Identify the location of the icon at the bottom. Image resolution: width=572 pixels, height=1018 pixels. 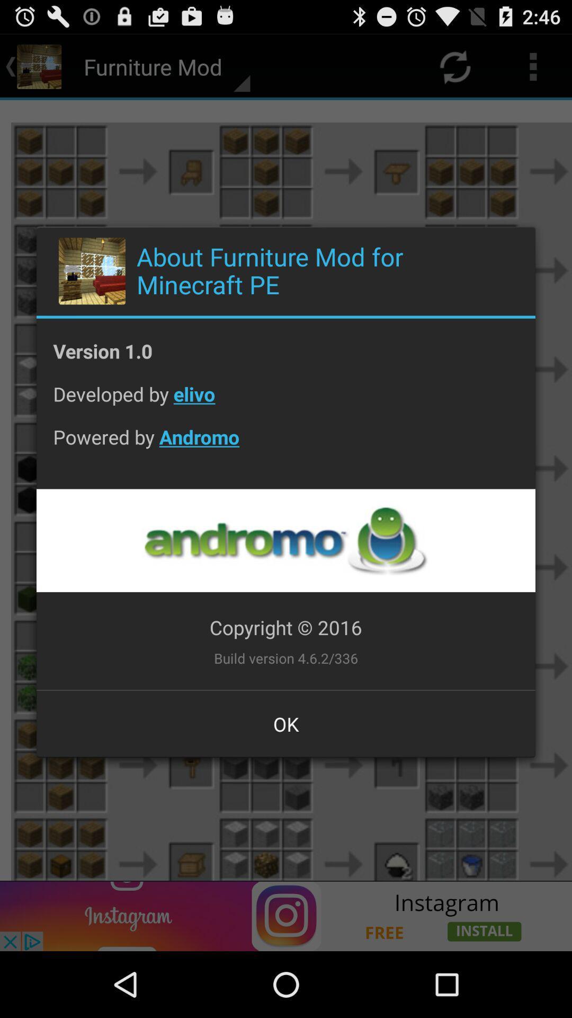
(286, 723).